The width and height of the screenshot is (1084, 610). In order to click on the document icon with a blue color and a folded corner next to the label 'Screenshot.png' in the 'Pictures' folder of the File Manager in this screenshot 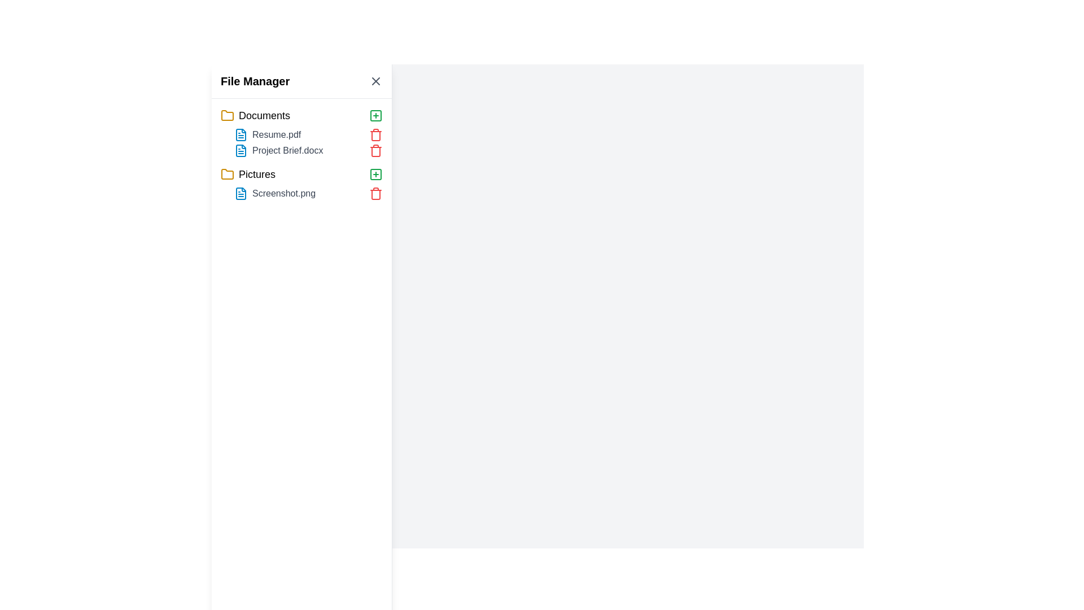, I will do `click(241, 193)`.